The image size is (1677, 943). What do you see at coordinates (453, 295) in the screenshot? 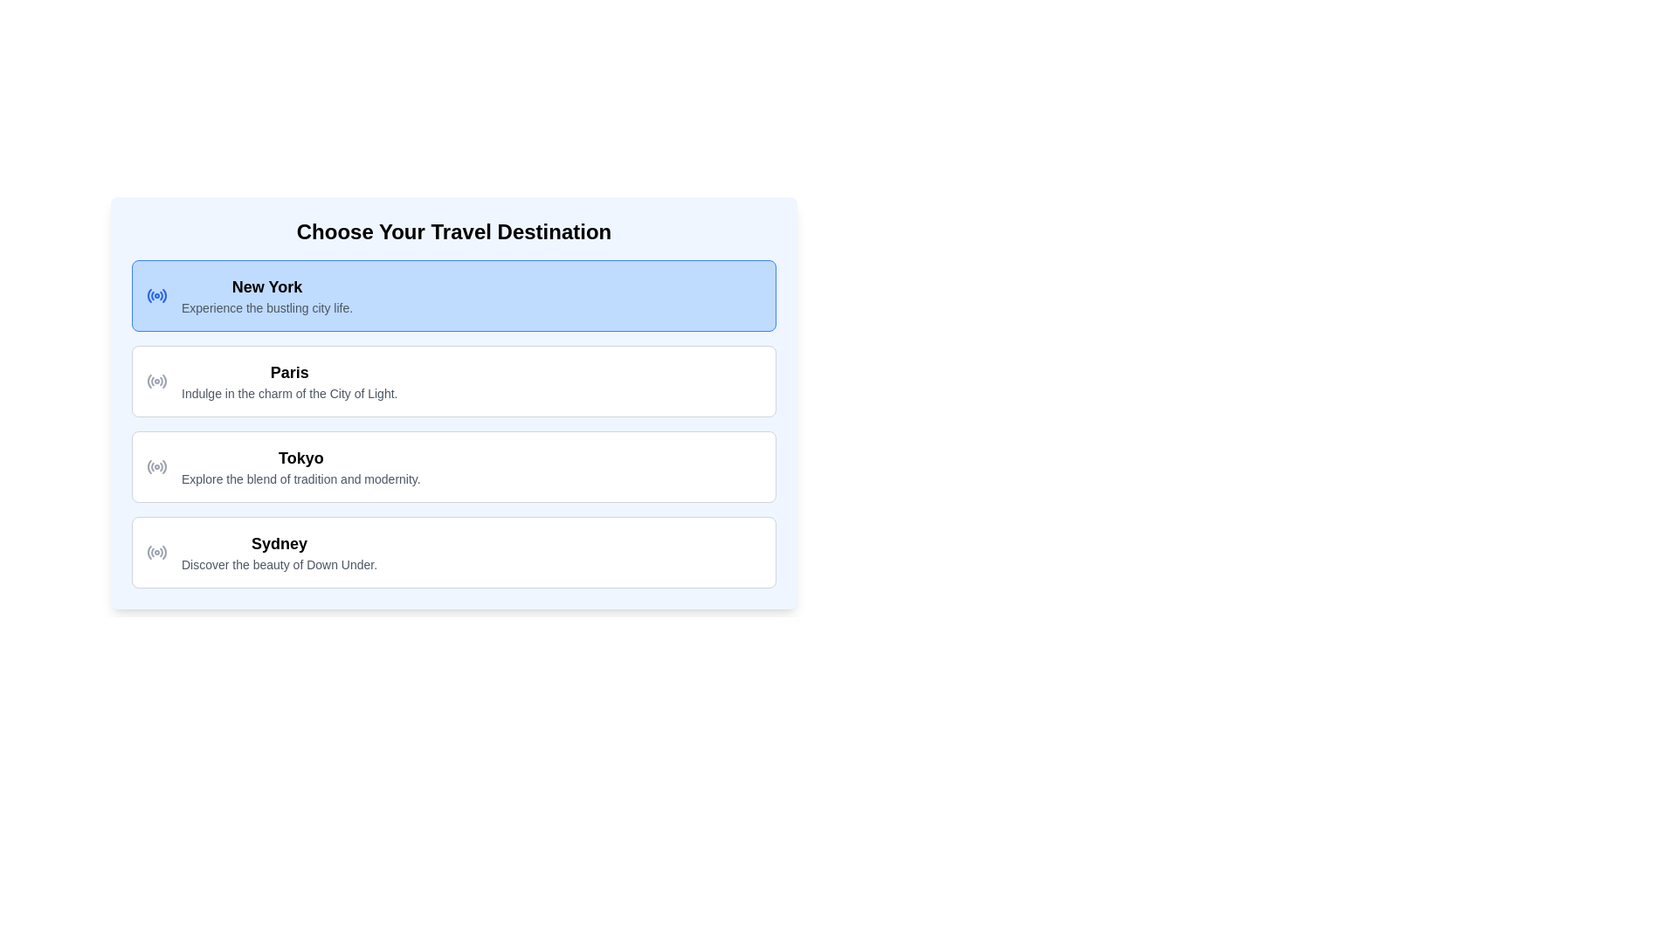
I see `the 'New York' destination card, which is the first item in the vertical list of destination cards` at bounding box center [453, 295].